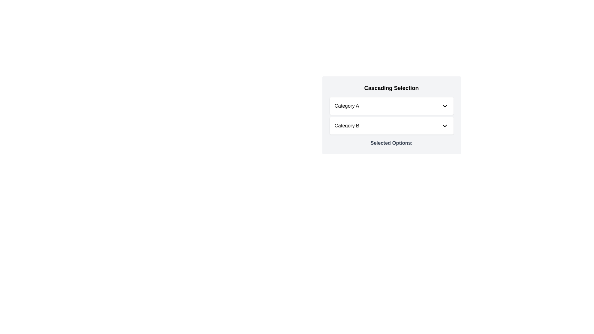 This screenshot has height=334, width=594. What do you see at coordinates (391, 126) in the screenshot?
I see `the Dropdown Menu Item labeled 'Category B'` at bounding box center [391, 126].